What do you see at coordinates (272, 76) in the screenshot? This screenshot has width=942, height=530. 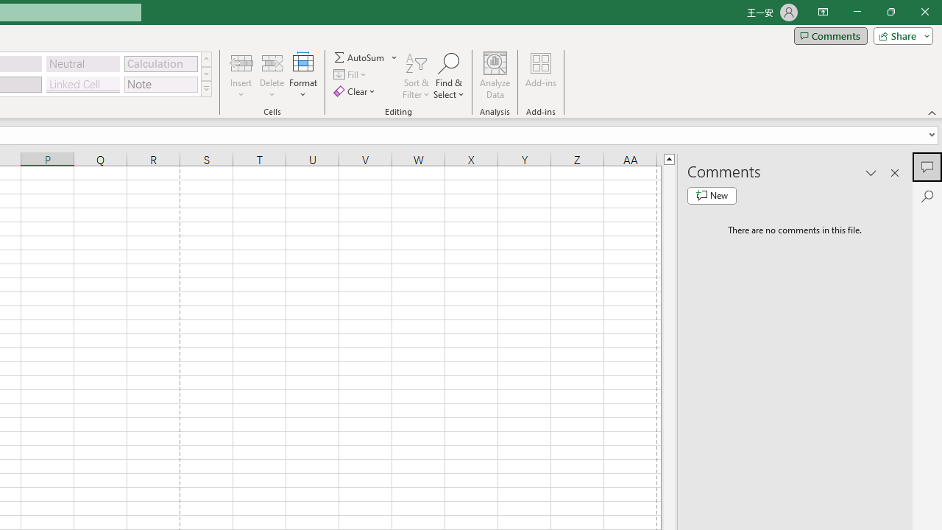 I see `'Delete'` at bounding box center [272, 76].